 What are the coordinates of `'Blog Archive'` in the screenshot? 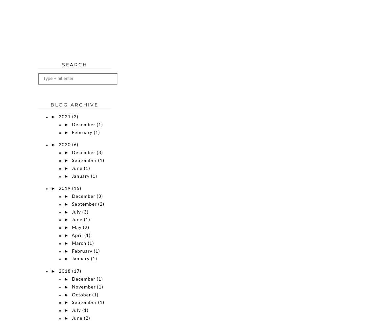 It's located at (74, 104).